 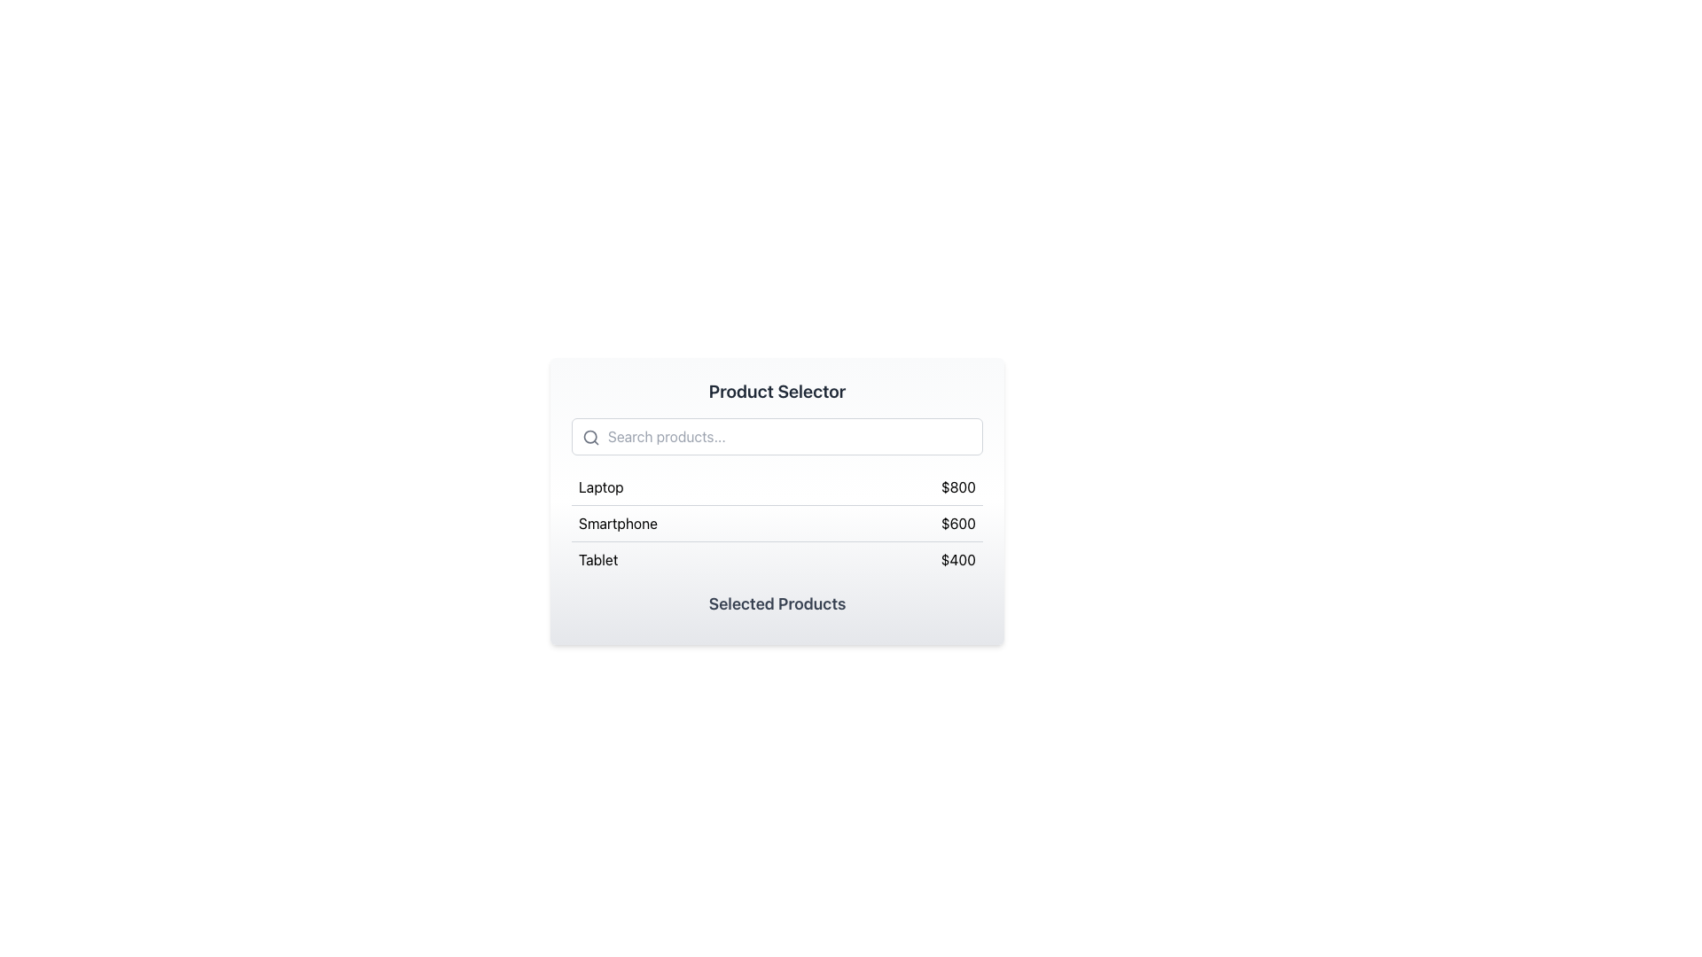 What do you see at coordinates (777, 522) in the screenshot?
I see `the middle list item labeled 'Smartphone' priced at '$600'` at bounding box center [777, 522].